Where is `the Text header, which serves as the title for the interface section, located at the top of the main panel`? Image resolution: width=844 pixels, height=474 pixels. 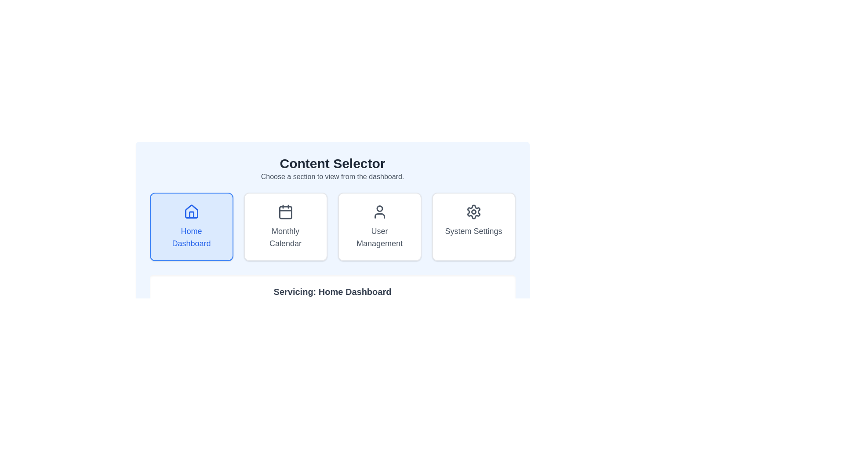
the Text header, which serves as the title for the interface section, located at the top of the main panel is located at coordinates (332, 164).